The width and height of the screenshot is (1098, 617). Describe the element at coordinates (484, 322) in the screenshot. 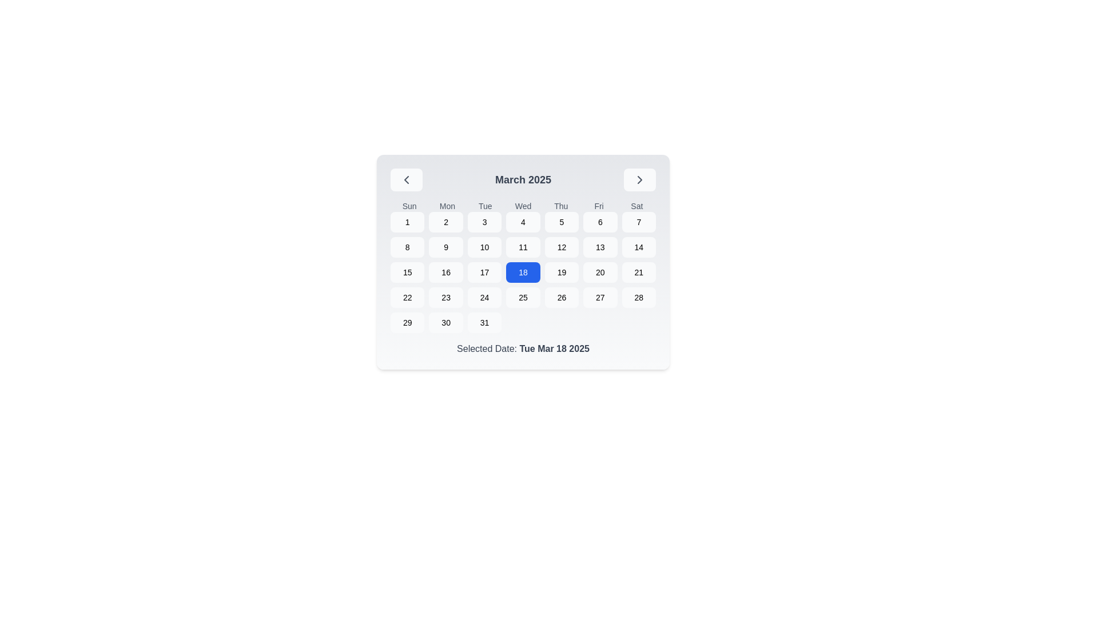

I see `the interactive calendar day cell representing the 31st day of the month` at that location.